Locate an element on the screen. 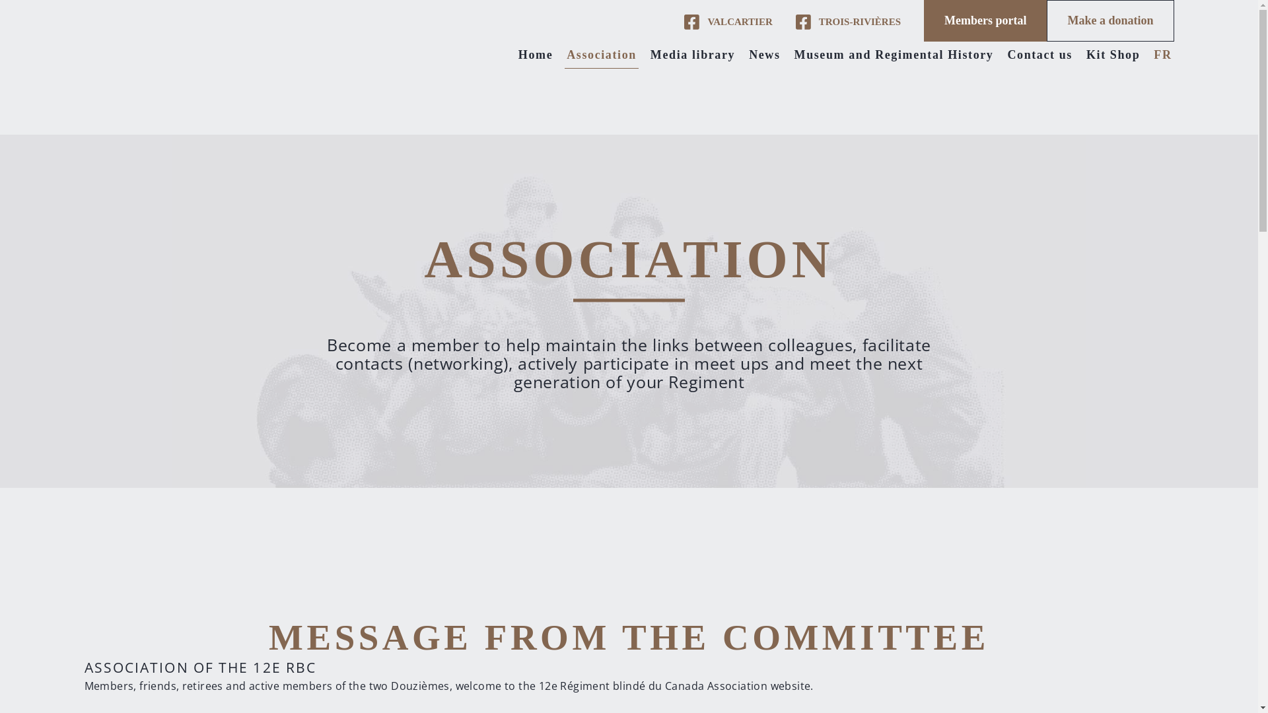  'Media library' is located at coordinates (692, 54).